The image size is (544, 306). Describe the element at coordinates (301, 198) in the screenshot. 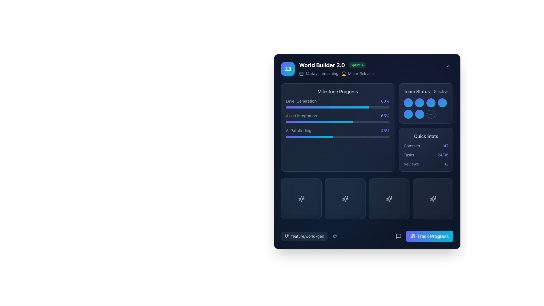

I see `the first interactive card in the horizontal grid, which features a dark gradient background and a centered sparkles icon` at that location.